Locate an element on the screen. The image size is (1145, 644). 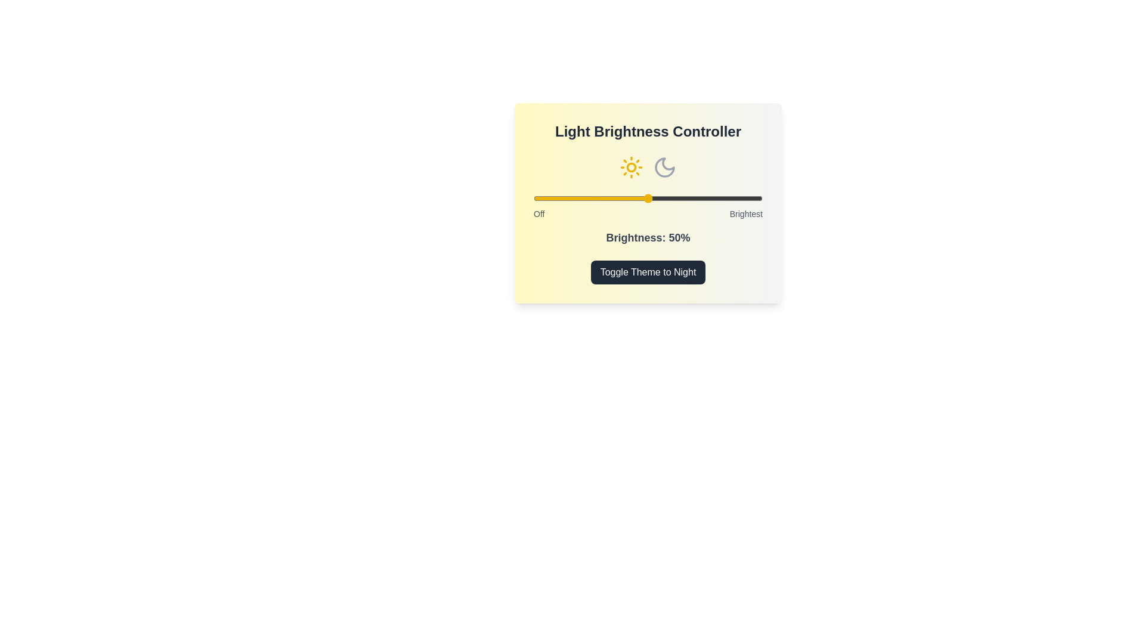
the slider to set the brightness to 92% is located at coordinates (744, 197).